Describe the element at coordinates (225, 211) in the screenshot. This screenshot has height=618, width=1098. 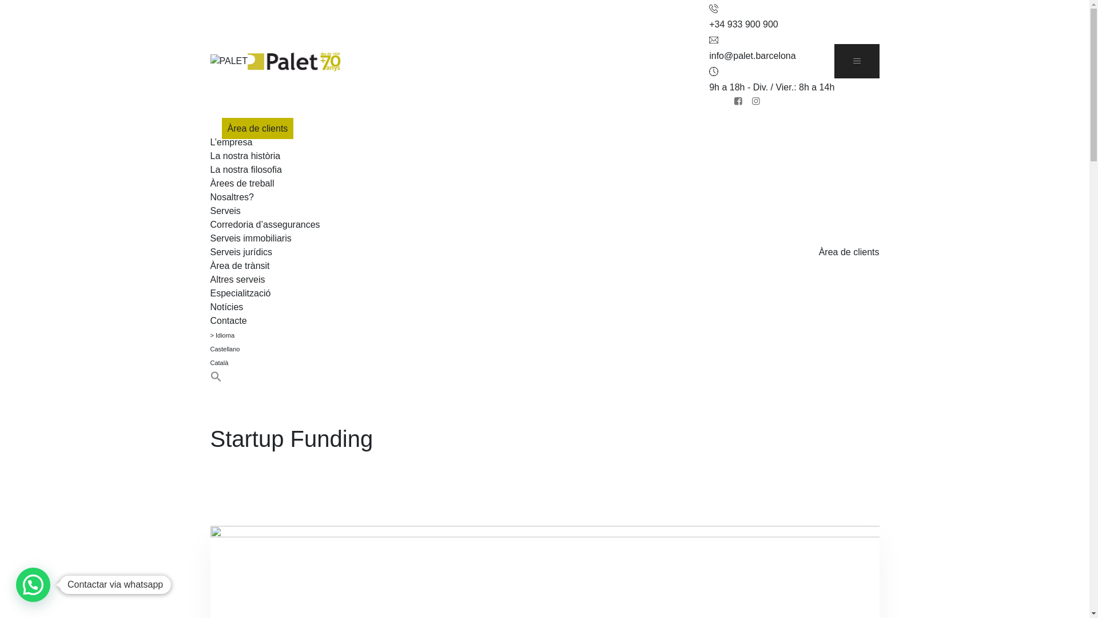
I see `'Serveis'` at that location.